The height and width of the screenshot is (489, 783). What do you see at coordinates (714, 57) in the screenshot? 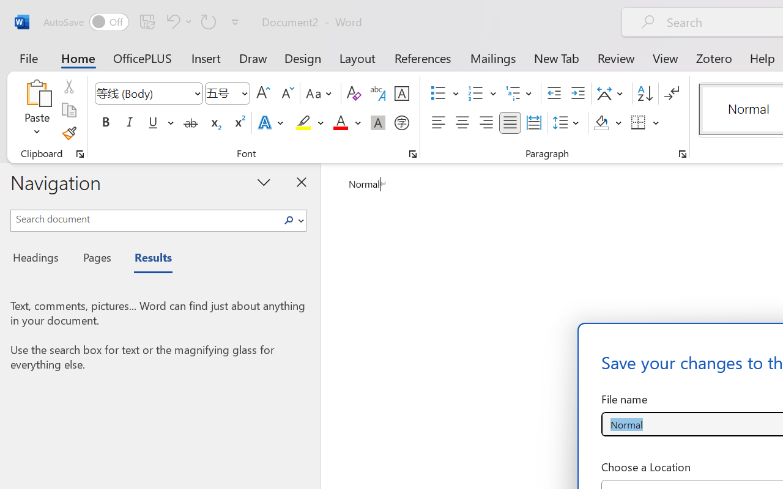
I see `'Zotero'` at bounding box center [714, 57].